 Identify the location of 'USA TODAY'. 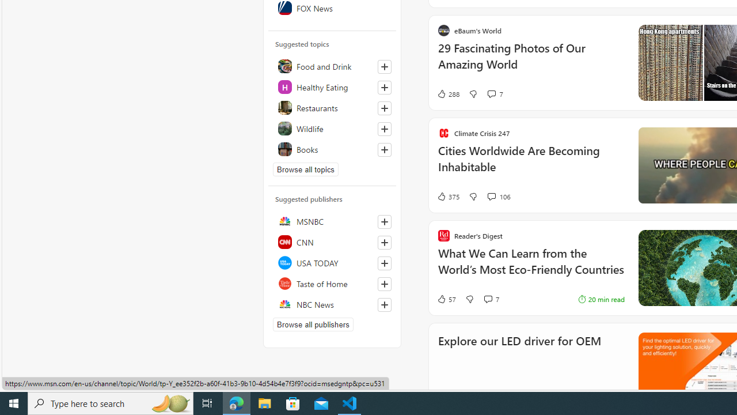
(332, 263).